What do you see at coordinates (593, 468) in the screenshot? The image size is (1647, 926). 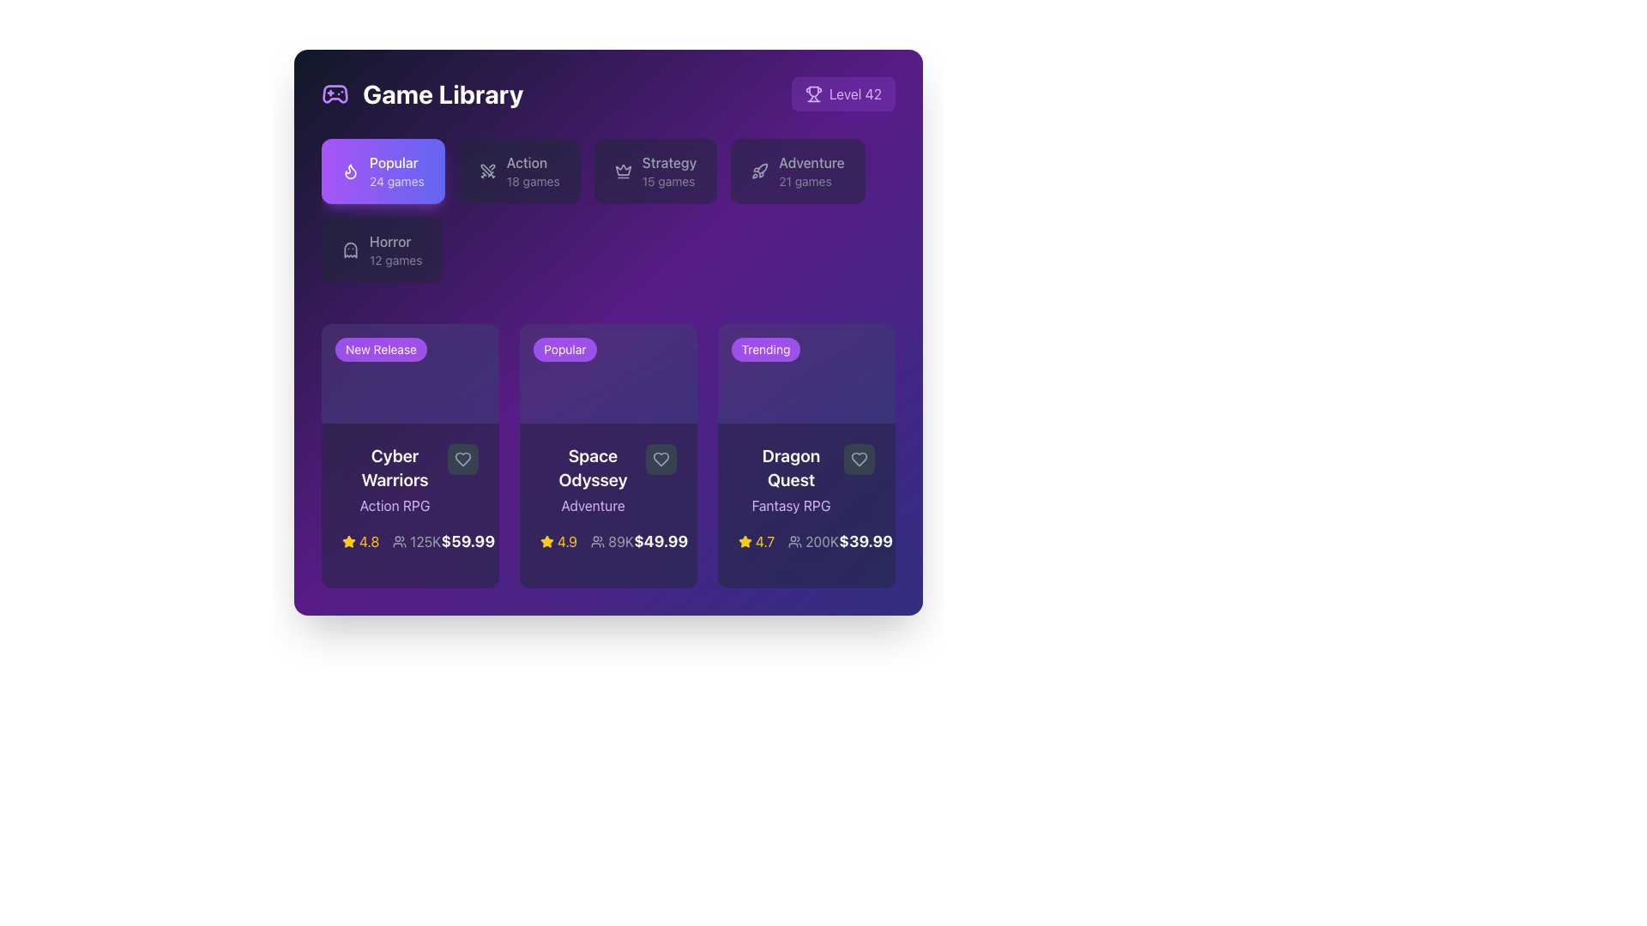 I see `the 'Space Odyssey' text label, which is displayed in a bold white font on a purple background, centrally aligned above the 'Adventure' label in the 'Game Library' section` at bounding box center [593, 468].